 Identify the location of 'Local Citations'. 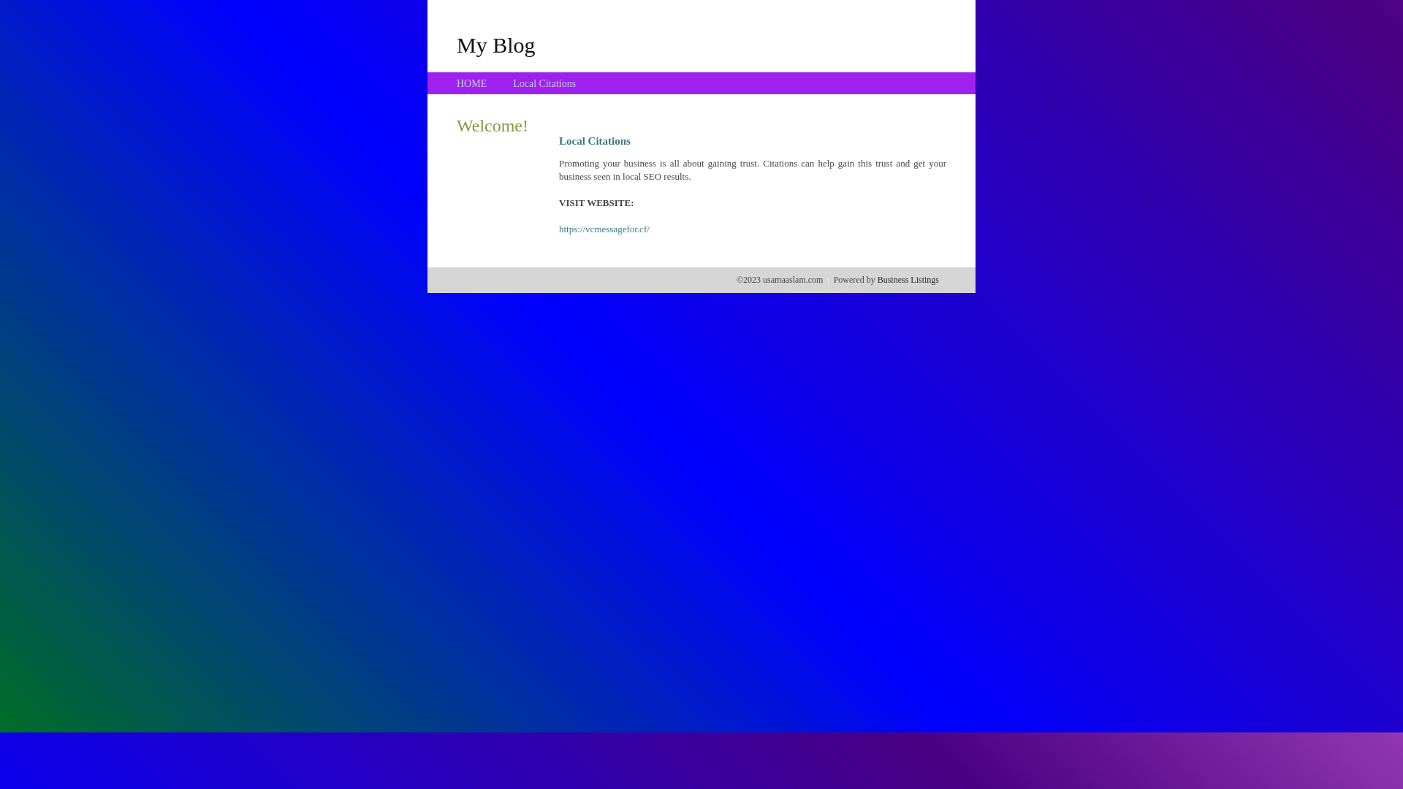
(543, 83).